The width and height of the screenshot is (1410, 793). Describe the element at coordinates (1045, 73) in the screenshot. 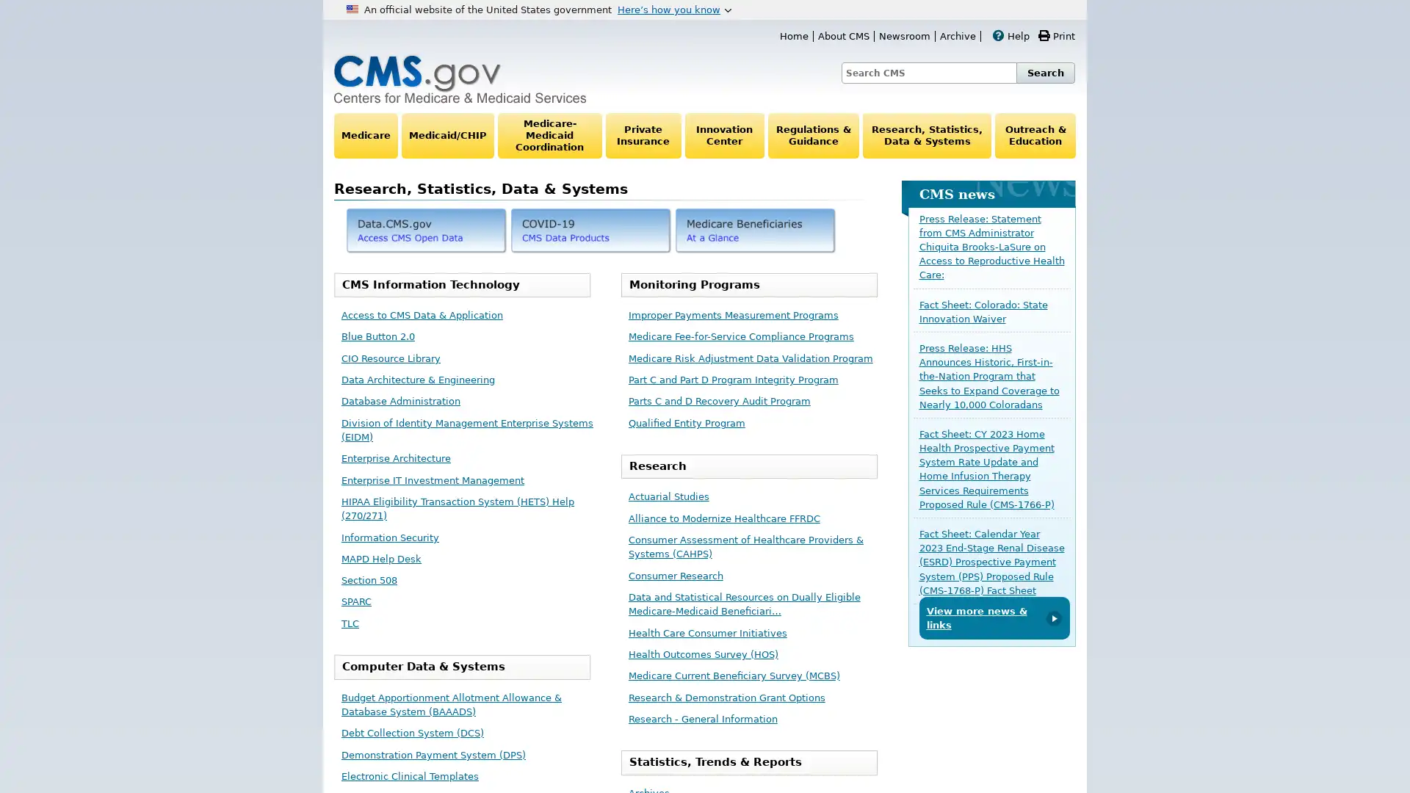

I see `Search` at that location.